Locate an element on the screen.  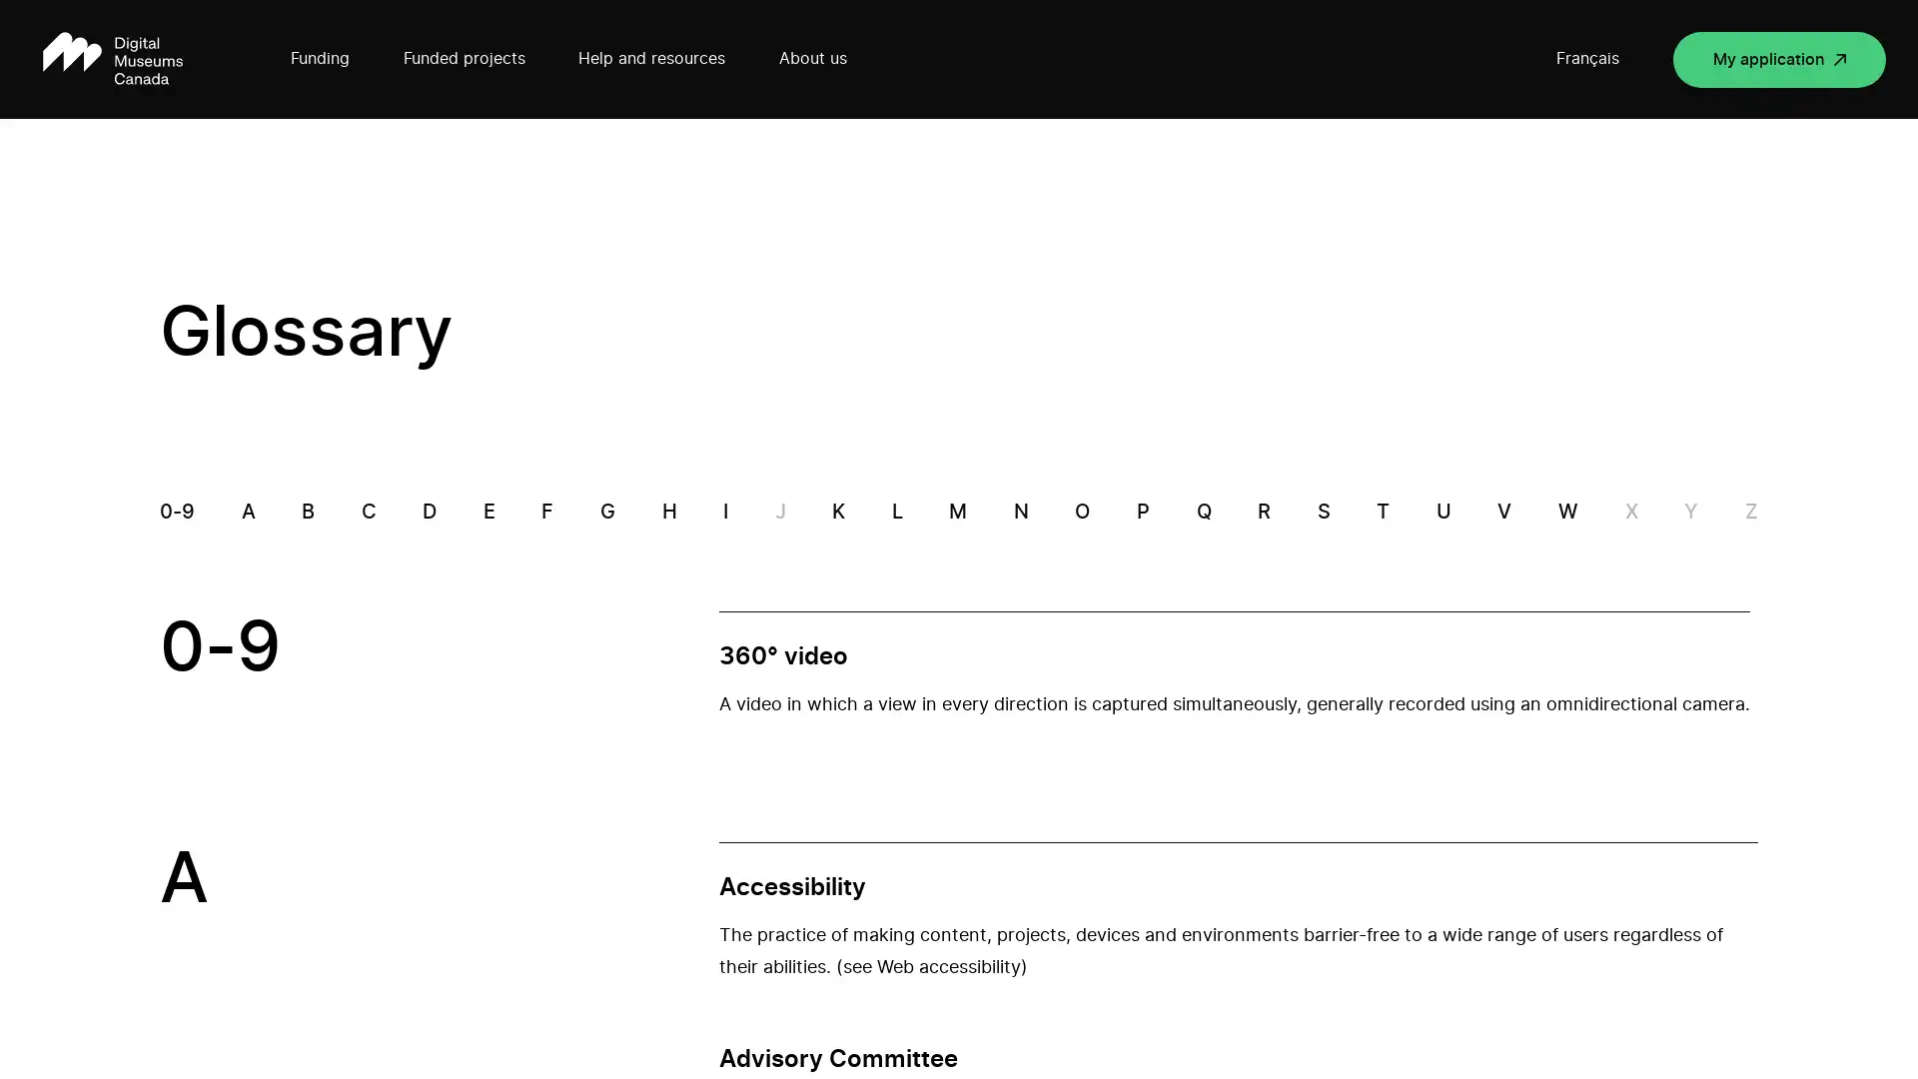
N is located at coordinates (1020, 512).